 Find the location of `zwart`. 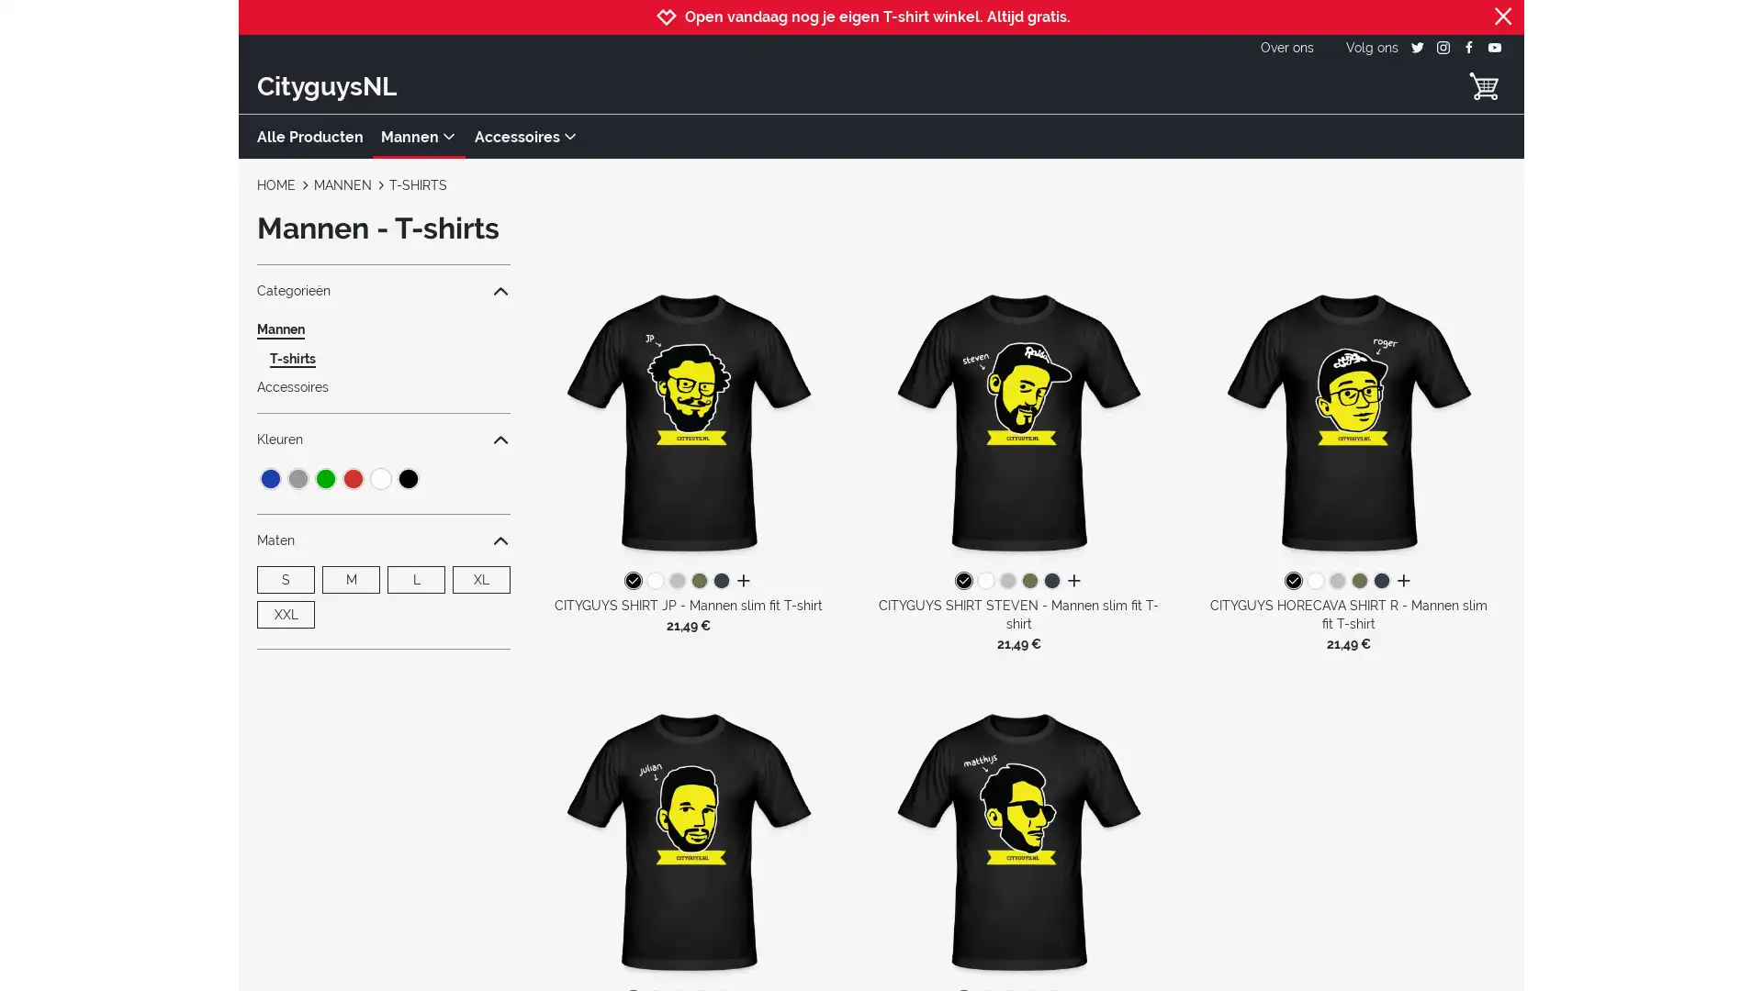

zwart is located at coordinates (962, 581).